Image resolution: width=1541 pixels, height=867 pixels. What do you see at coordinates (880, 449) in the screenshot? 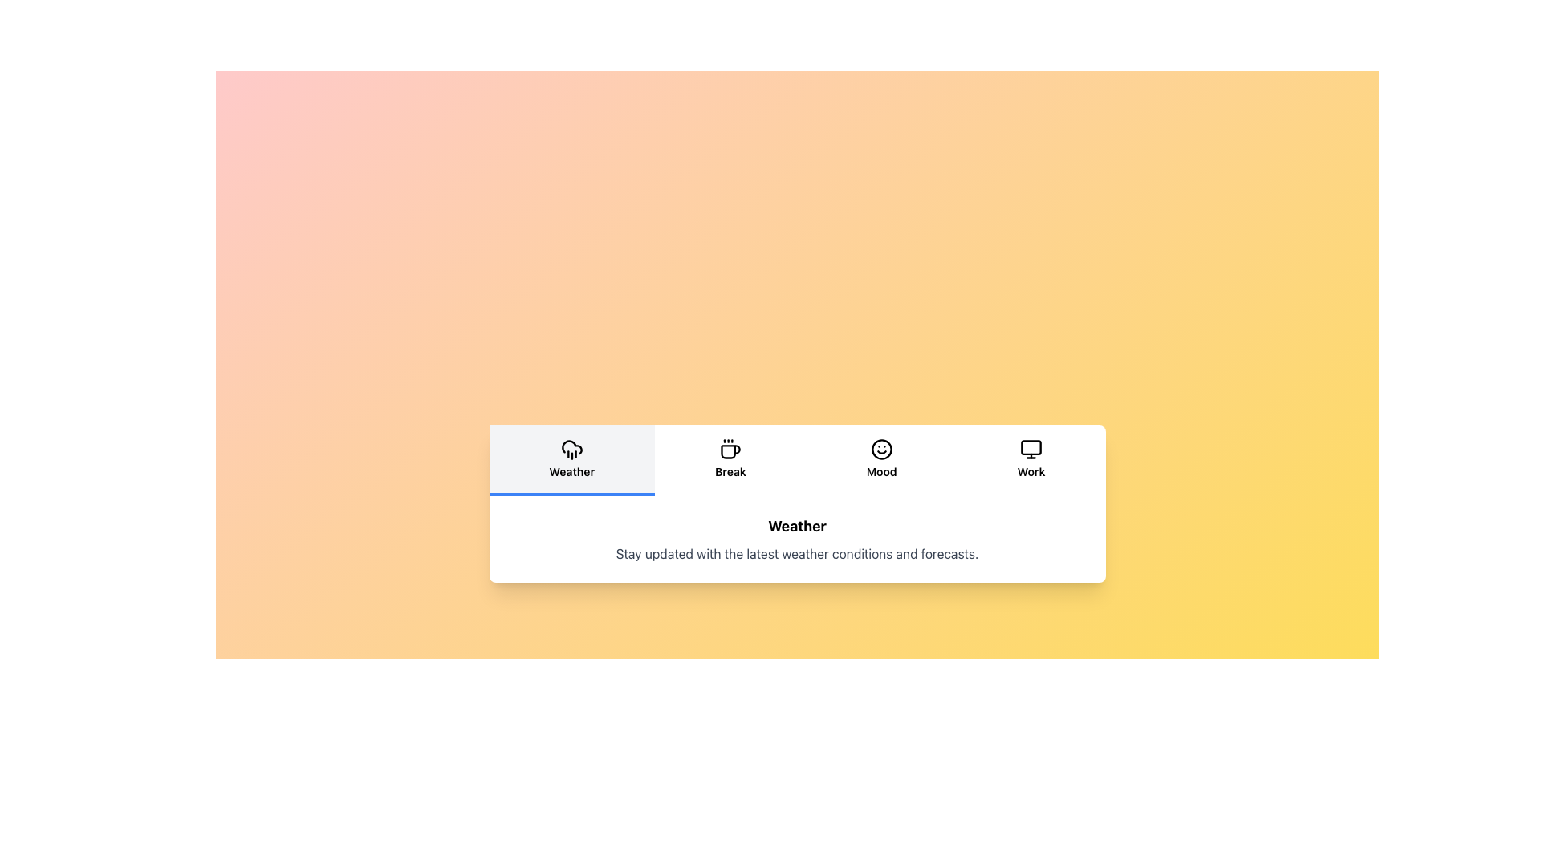
I see `the central circular graphic icon representing a smiley face, which is the third option labeled 'Mood' in the horizontal menu bar` at bounding box center [880, 449].